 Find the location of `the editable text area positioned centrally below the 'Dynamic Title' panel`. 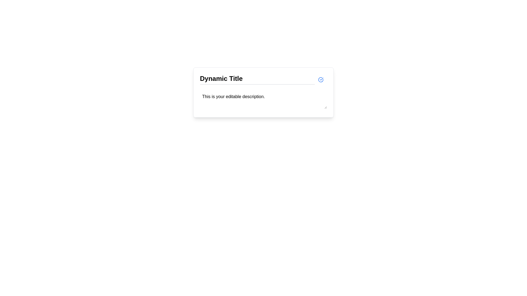

the editable text area positioned centrally below the 'Dynamic Title' panel is located at coordinates (263, 100).